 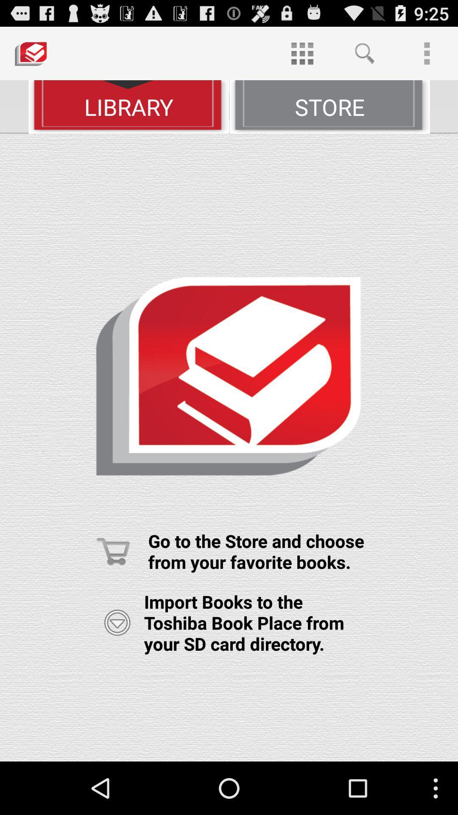 I want to click on the item below library icon, so click(x=229, y=447).